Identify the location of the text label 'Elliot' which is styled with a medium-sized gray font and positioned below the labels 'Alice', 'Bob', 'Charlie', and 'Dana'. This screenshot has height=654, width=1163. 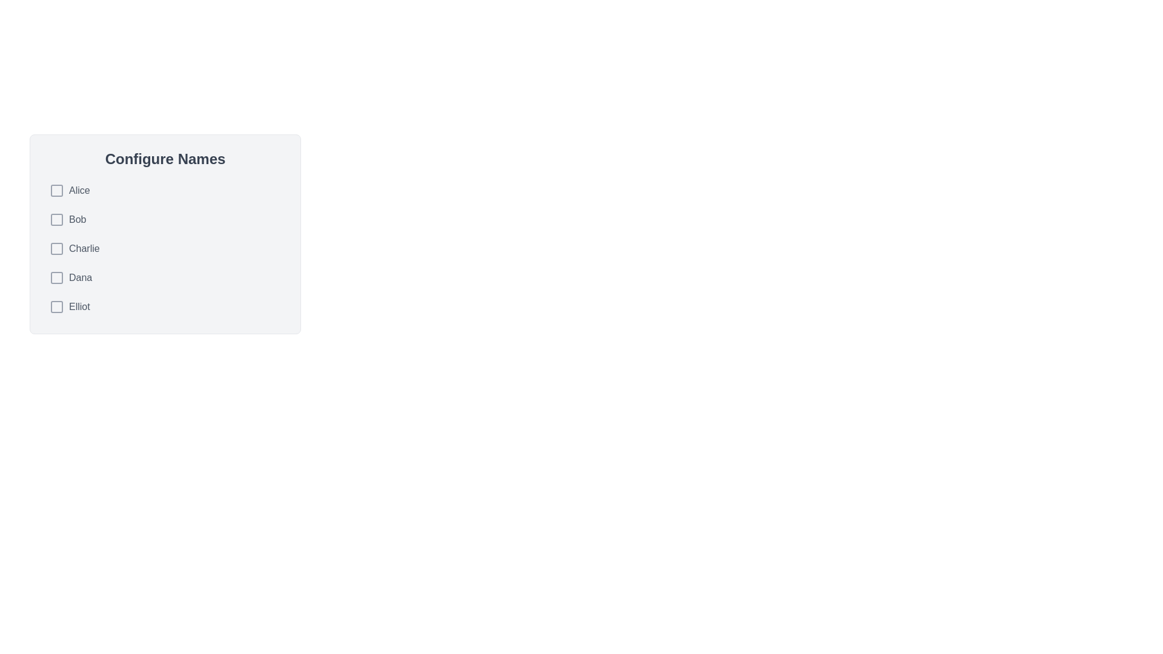
(69, 306).